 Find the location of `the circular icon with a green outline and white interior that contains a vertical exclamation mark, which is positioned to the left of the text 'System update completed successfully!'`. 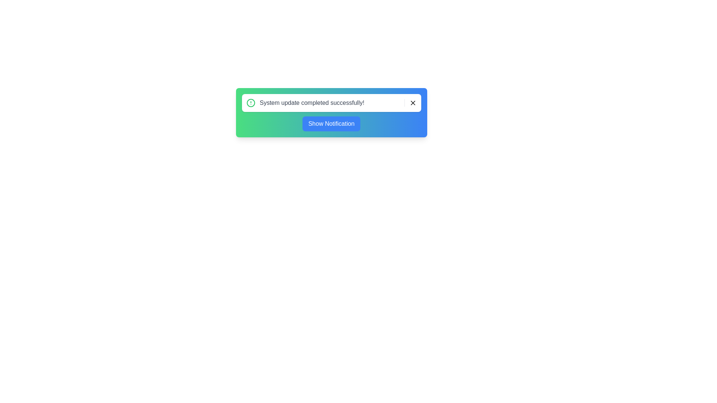

the circular icon with a green outline and white interior that contains a vertical exclamation mark, which is positioned to the left of the text 'System update completed successfully!' is located at coordinates (251, 103).